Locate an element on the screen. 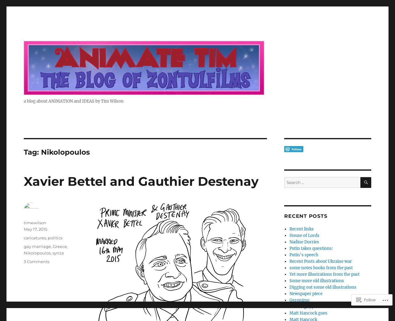  'Tag:' is located at coordinates (32, 152).